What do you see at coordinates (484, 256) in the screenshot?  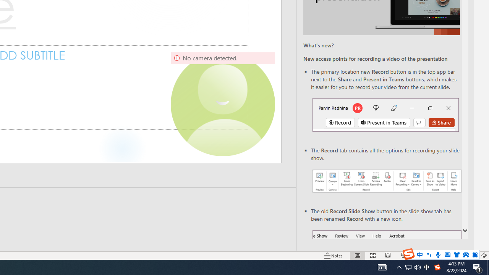 I see `'Zoom to Fit '` at bounding box center [484, 256].